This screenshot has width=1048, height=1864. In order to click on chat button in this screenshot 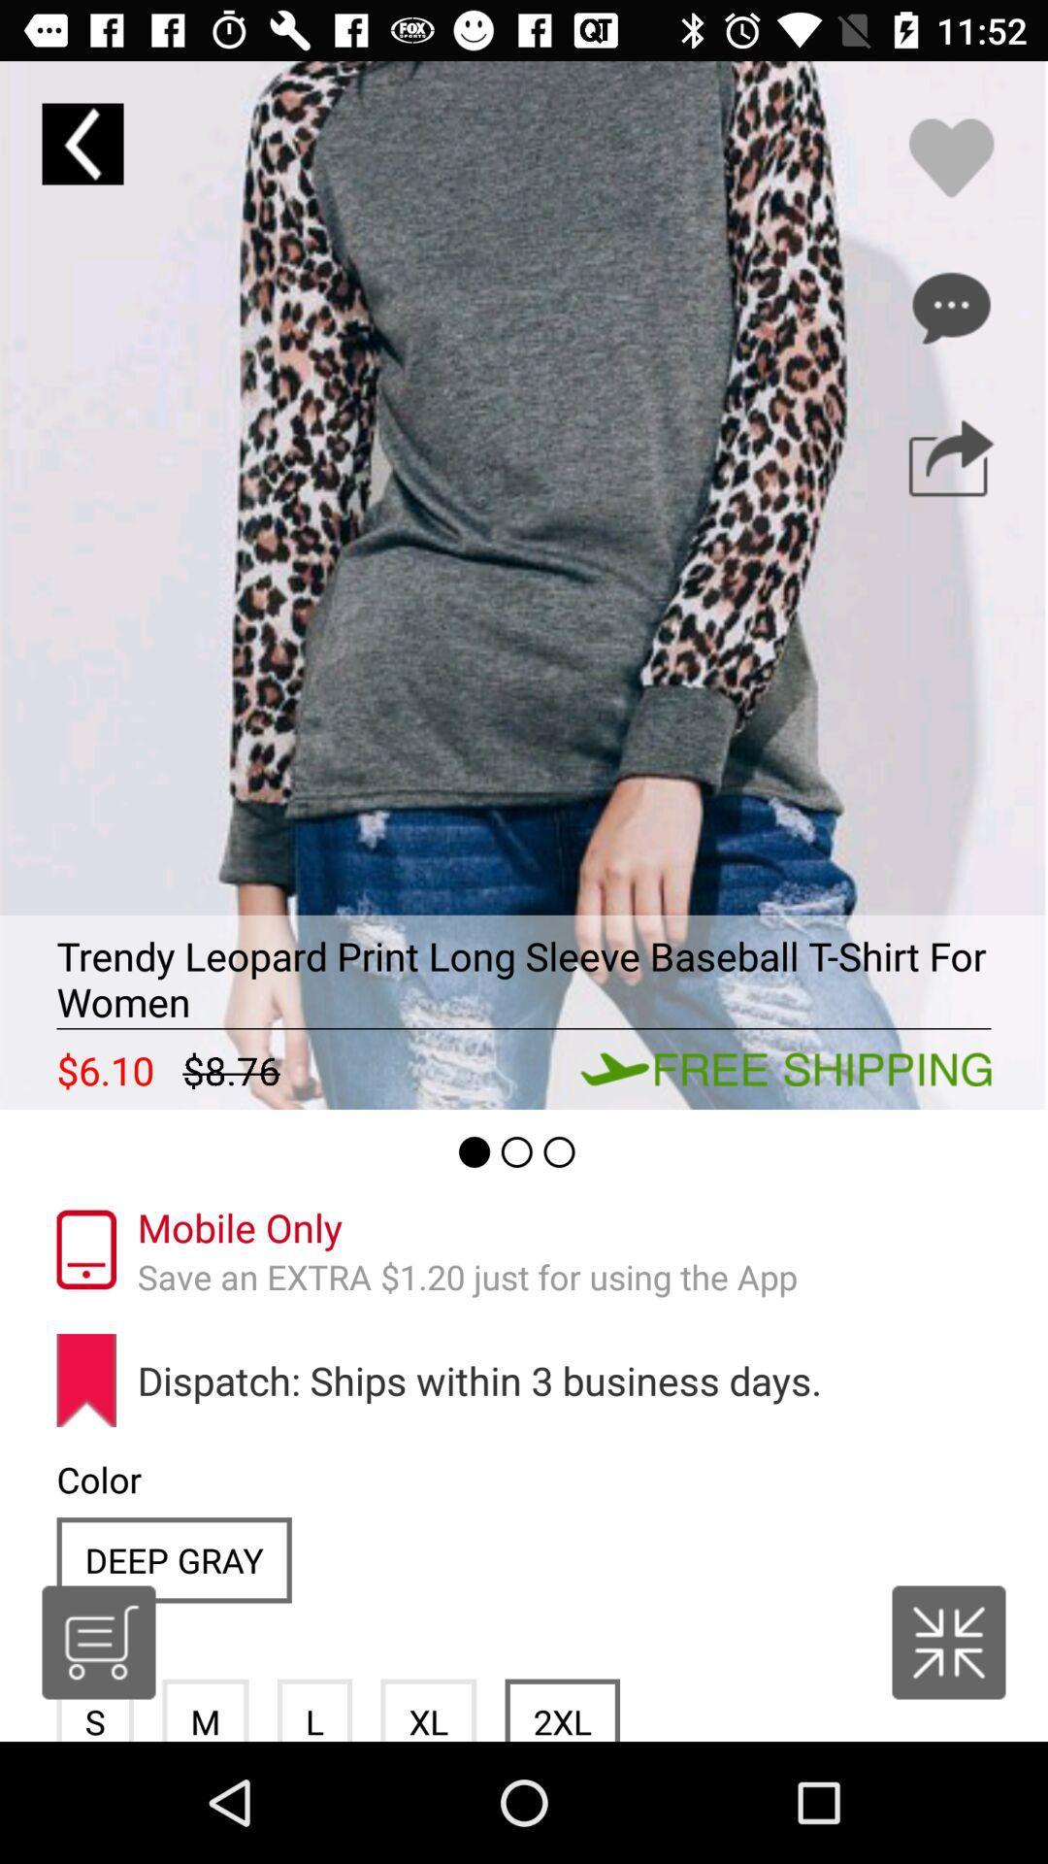, I will do `click(950, 307)`.